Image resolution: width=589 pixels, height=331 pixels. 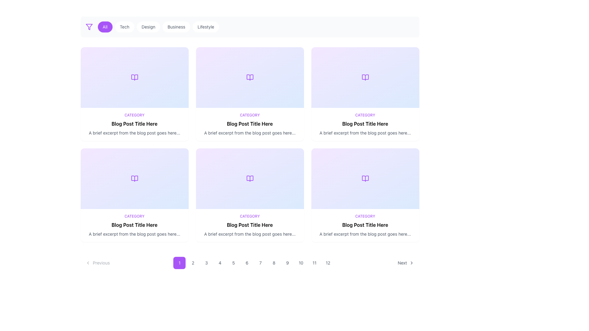 What do you see at coordinates (124, 27) in the screenshot?
I see `the 'Tech' button, which is the second button in a horizontal set of buttons, to filter content by 'Tech' category` at bounding box center [124, 27].